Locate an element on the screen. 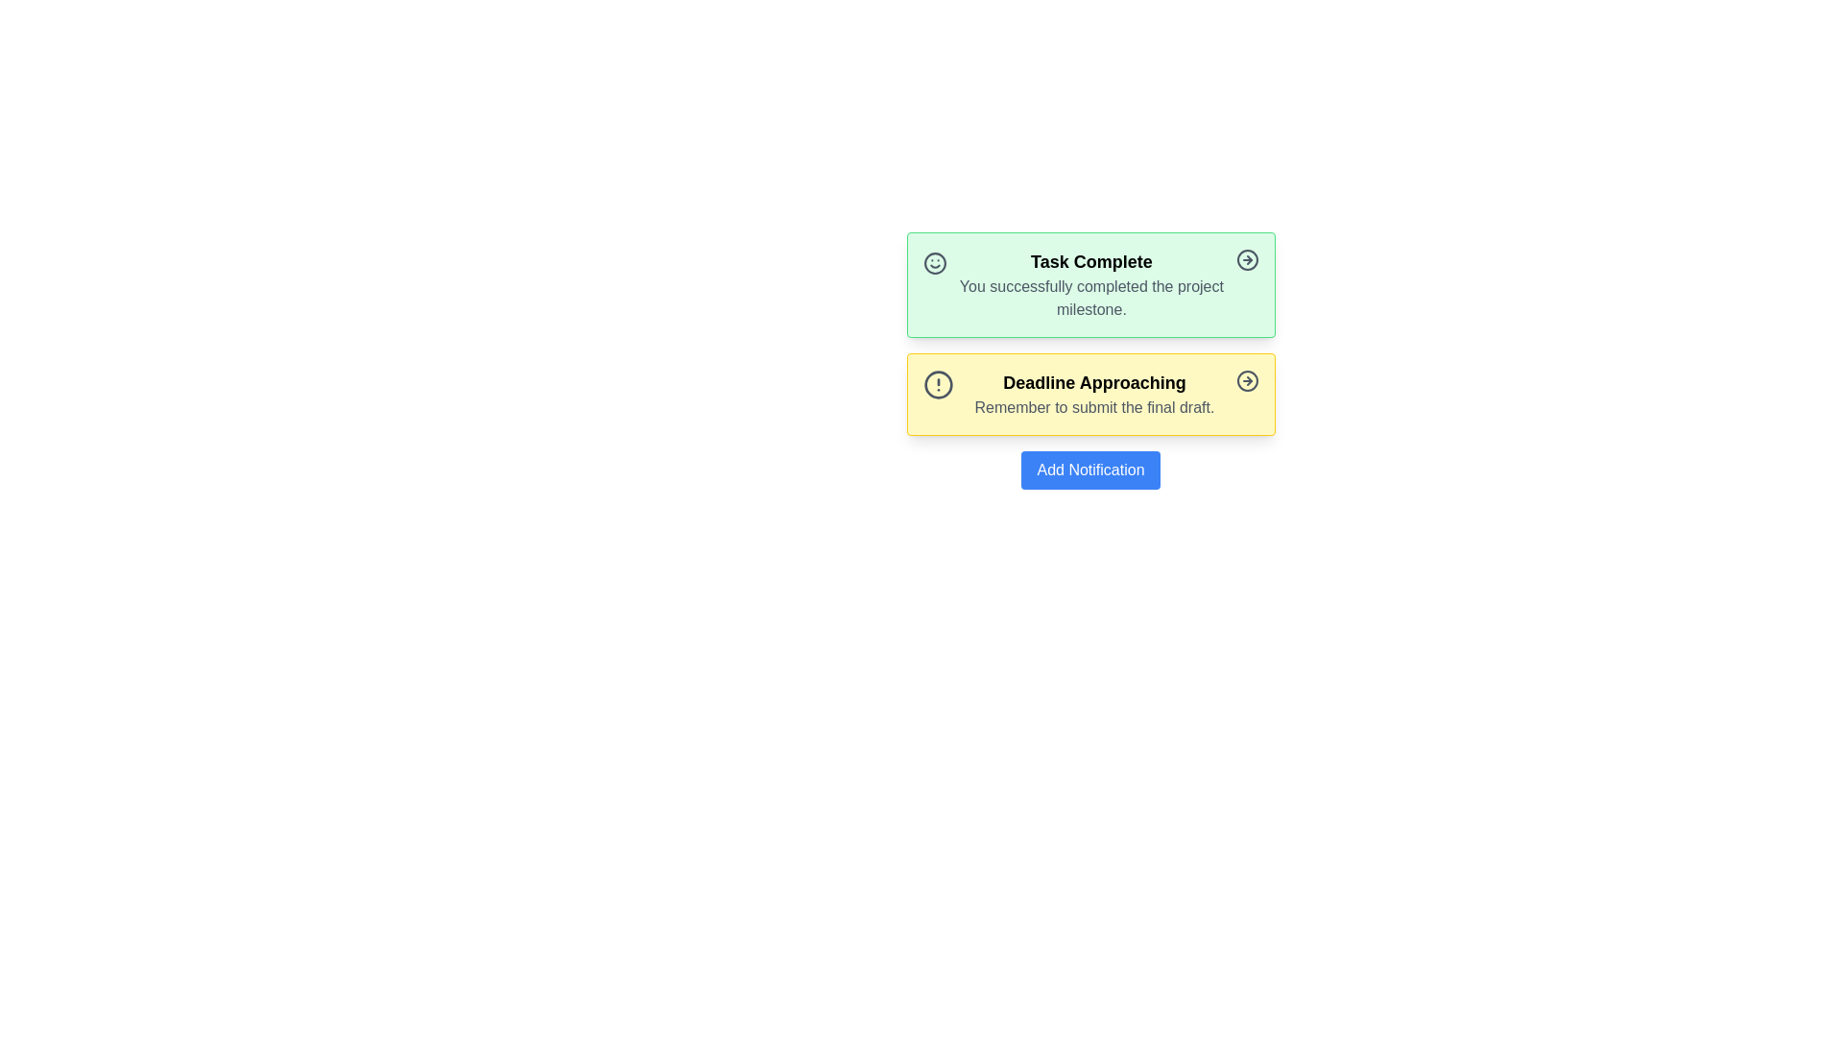 Image resolution: width=1843 pixels, height=1037 pixels. the arrow button on the right side of the notification to dismiss it is located at coordinates (1247, 259).